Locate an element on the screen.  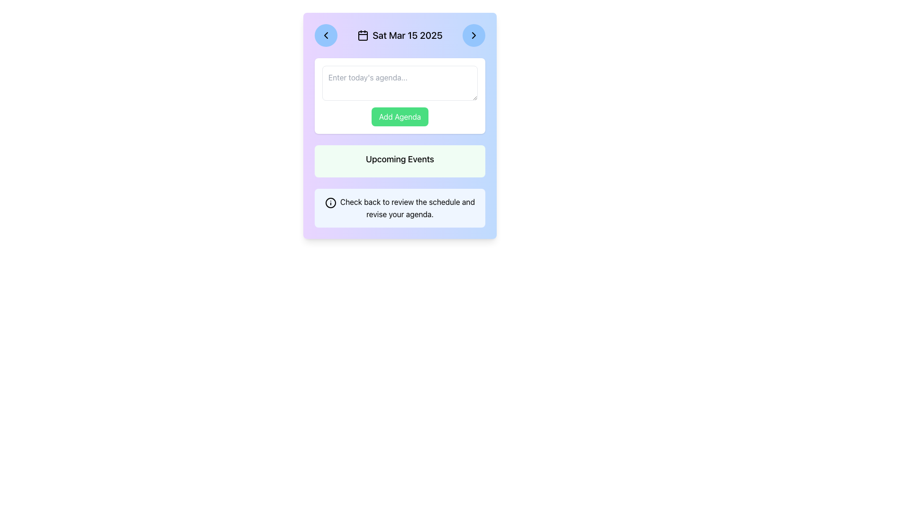
the informational icon located inside the blue box at the bottom left of the interface is located at coordinates (330, 202).